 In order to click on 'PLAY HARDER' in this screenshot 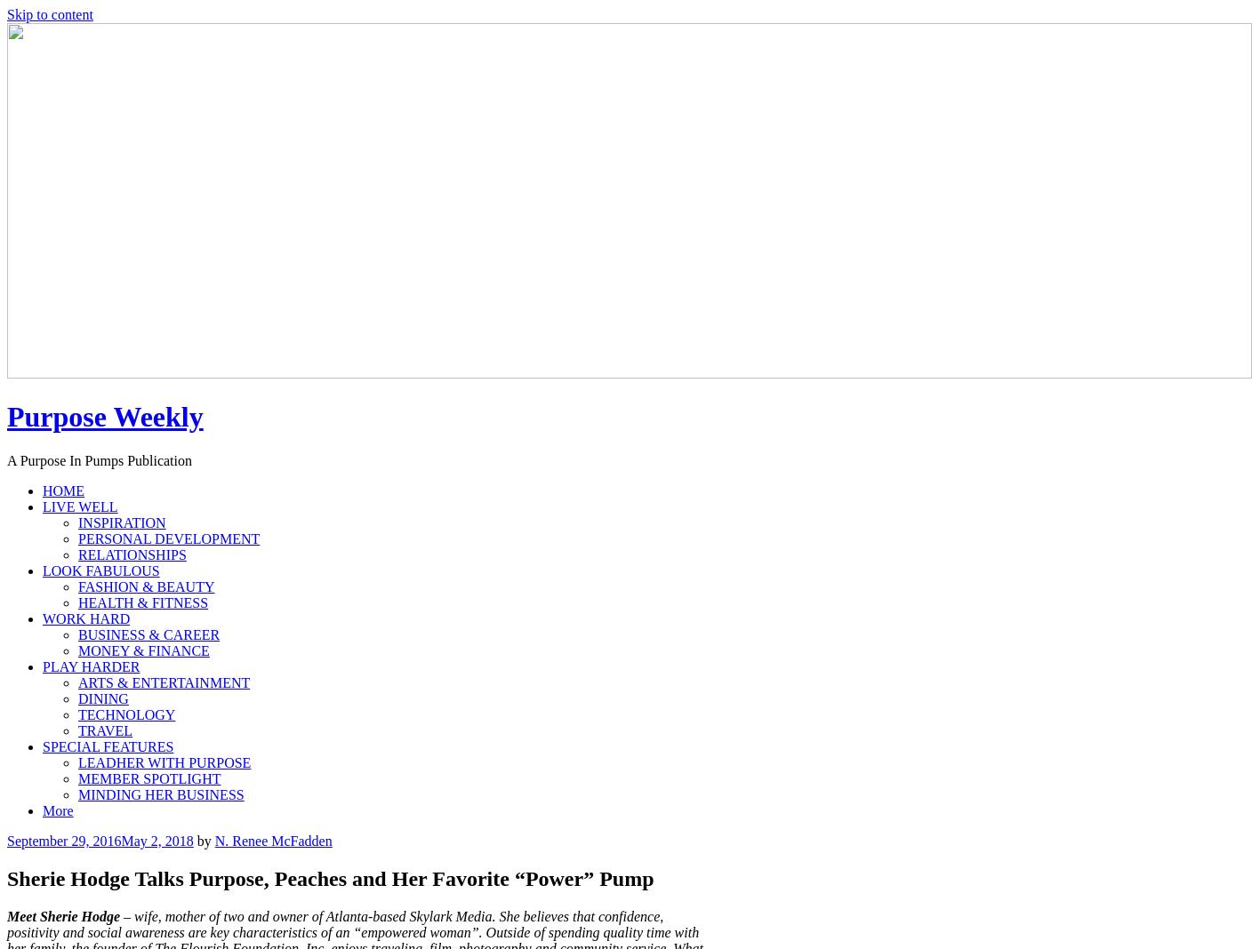, I will do `click(91, 666)`.